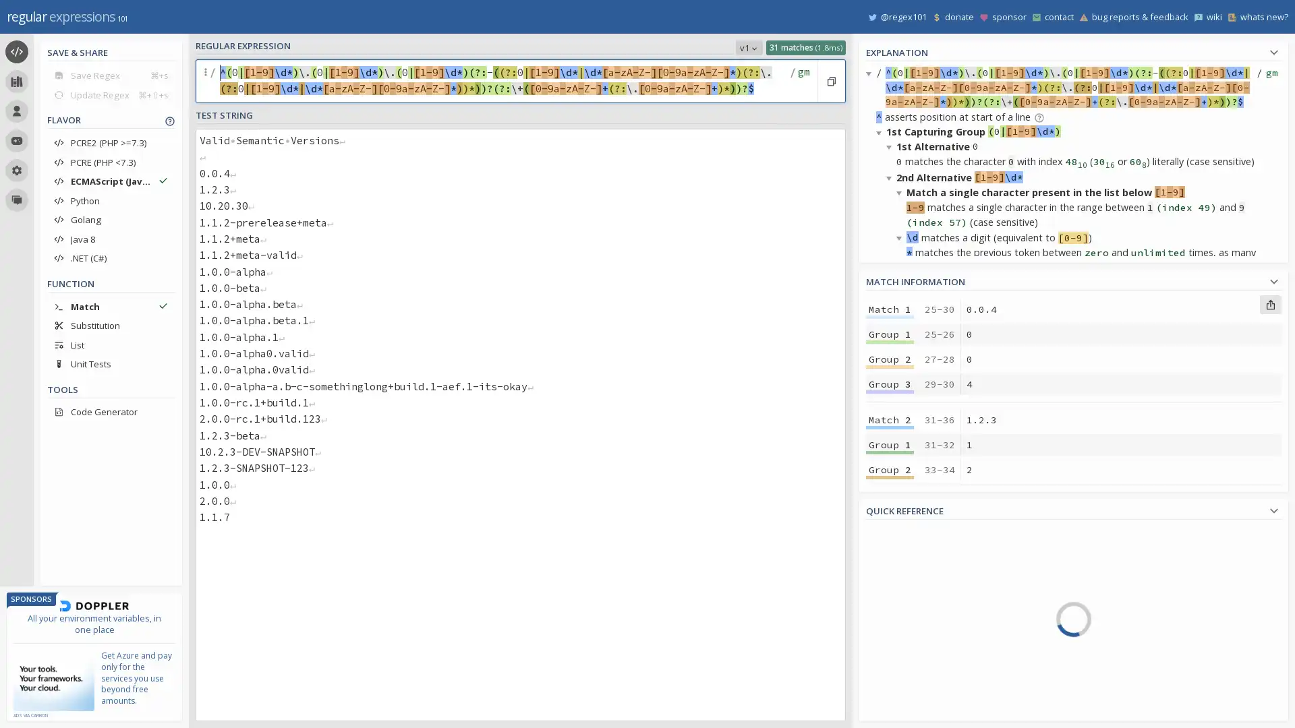  Describe the element at coordinates (1141, 668) in the screenshot. I see `Any whitespace character \s` at that location.